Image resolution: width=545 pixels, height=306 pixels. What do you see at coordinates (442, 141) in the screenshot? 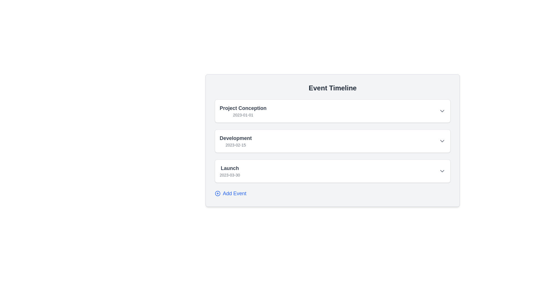
I see `the interactive chevron-down icon located at the far right of the 'Development' section to cause visual feedback` at bounding box center [442, 141].